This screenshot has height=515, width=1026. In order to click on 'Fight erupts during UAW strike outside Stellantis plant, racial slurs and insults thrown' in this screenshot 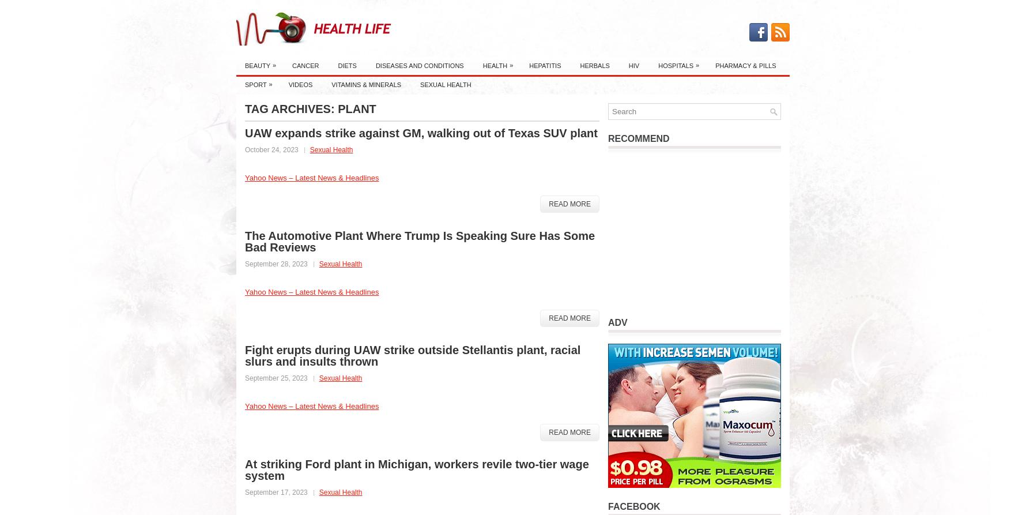, I will do `click(244, 355)`.